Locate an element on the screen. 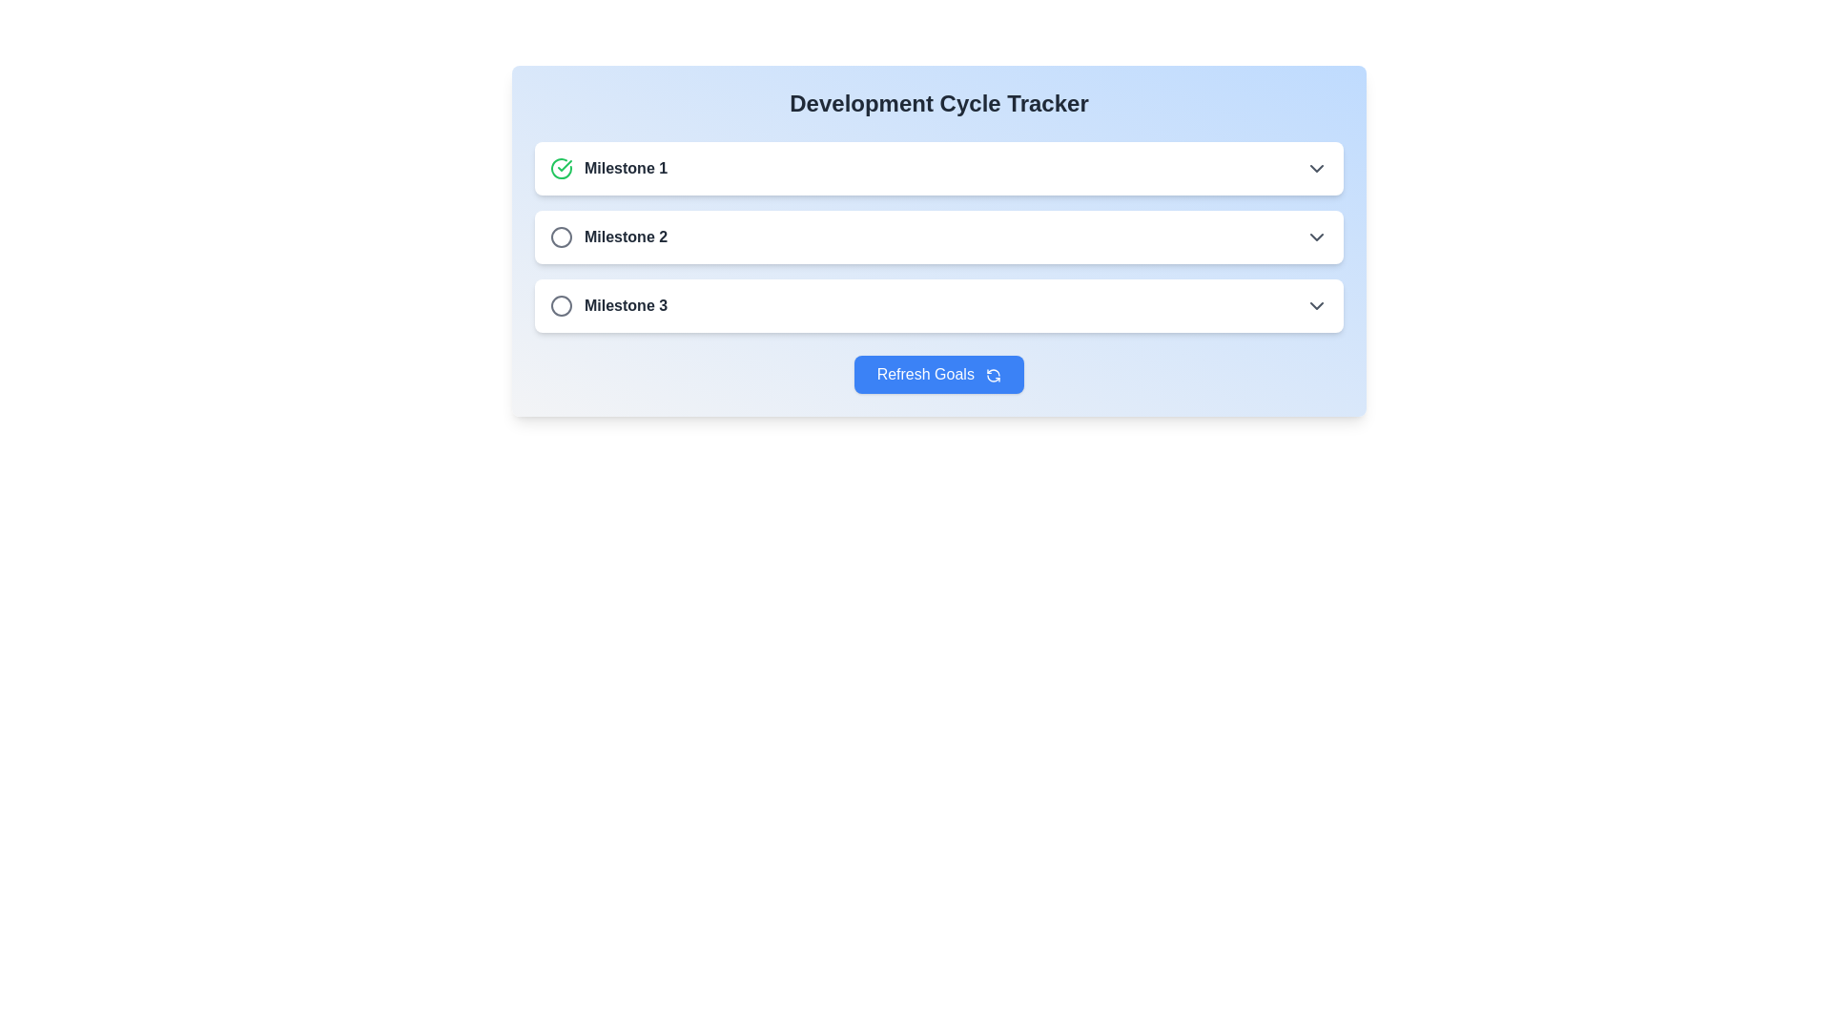 The height and width of the screenshot is (1030, 1831). text label 'Milestone 1', which is styled in bold and slightly dark gray, located towards the top of the vertical list and horizontally aligned with a green checkmark icon is located at coordinates (626, 168).